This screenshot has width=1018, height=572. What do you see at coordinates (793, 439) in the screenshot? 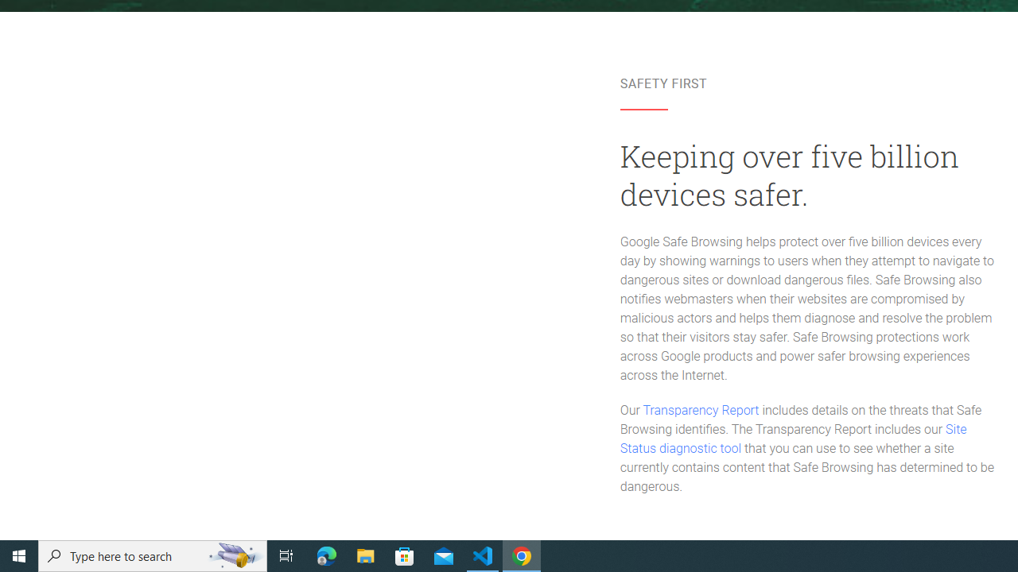
I see `'Site Status diagnostic tool'` at bounding box center [793, 439].